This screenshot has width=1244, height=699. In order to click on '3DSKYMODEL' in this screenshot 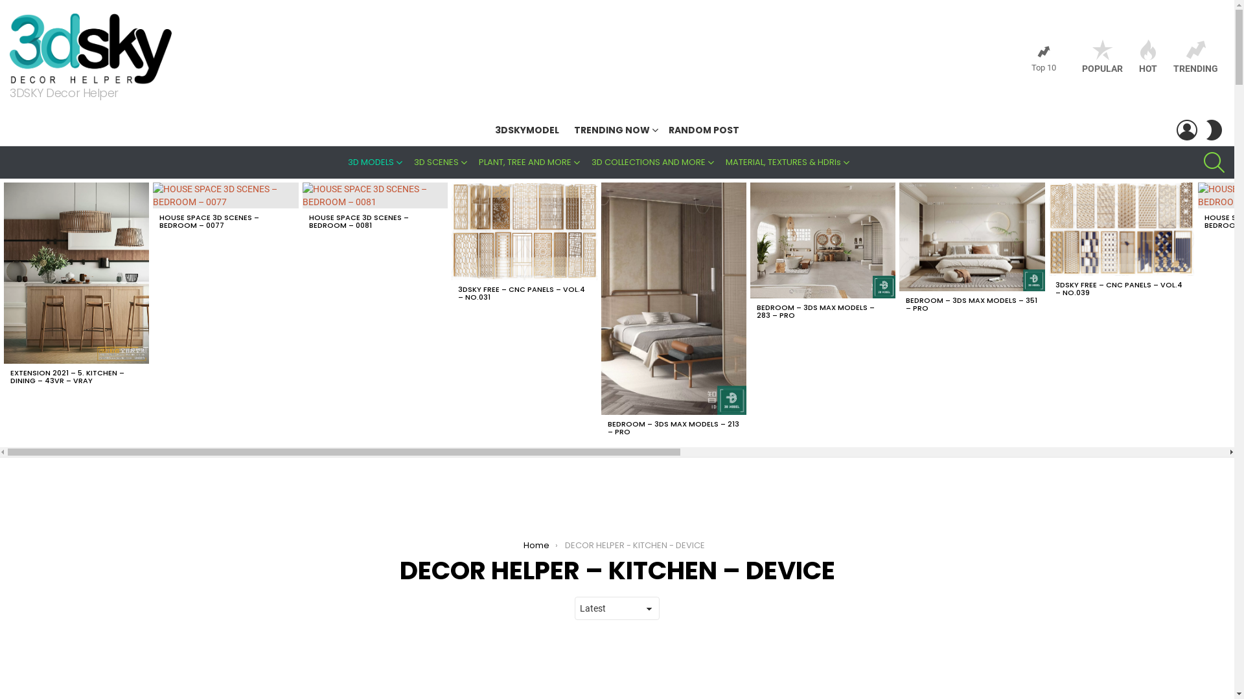, I will do `click(487, 129)`.